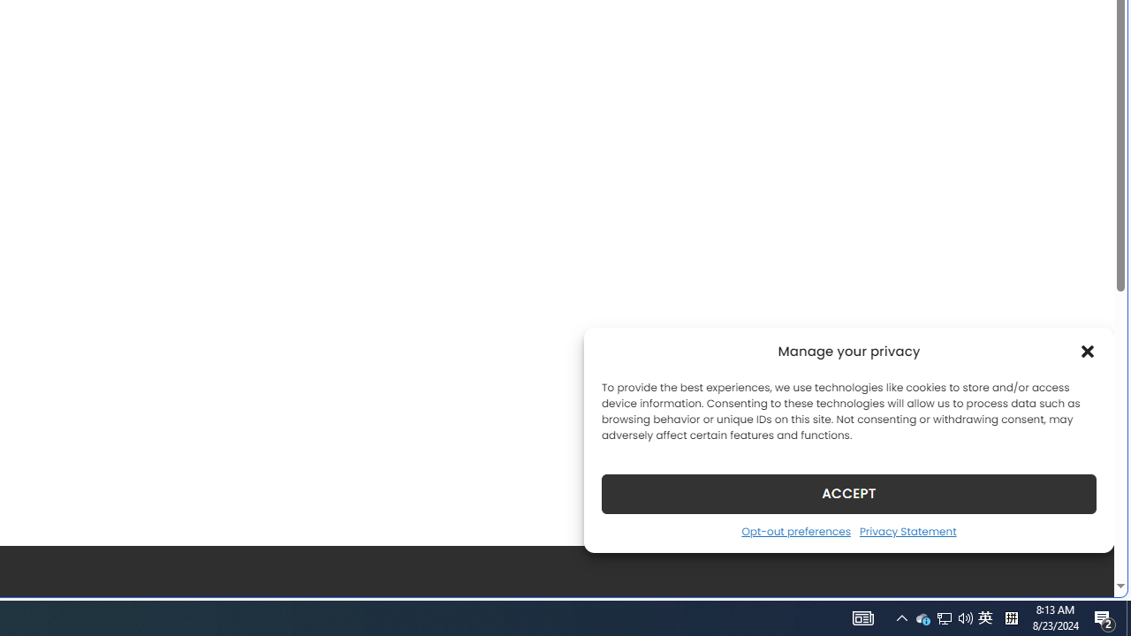  Describe the element at coordinates (1087, 351) in the screenshot. I see `'Class: cmplz-close'` at that location.